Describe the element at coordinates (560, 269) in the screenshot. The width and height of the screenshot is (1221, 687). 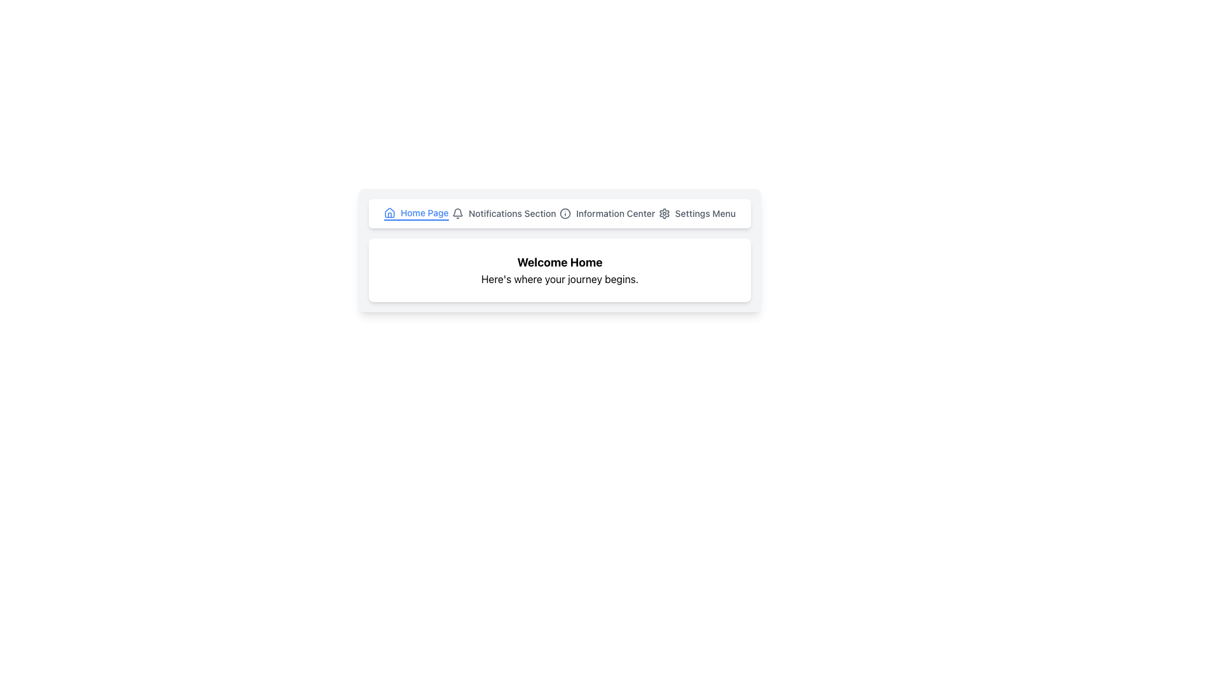
I see `welcoming message text block located centrally within a white rectangular card beneath the navigation bar` at that location.